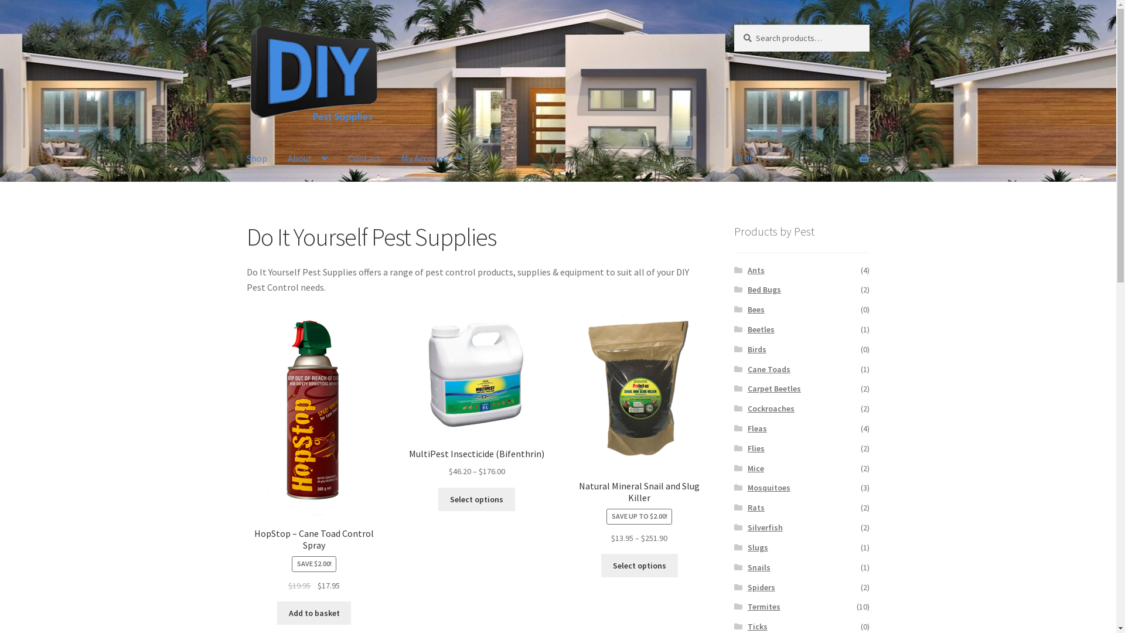 This screenshot has height=633, width=1125. I want to click on 'Mice', so click(747, 467).